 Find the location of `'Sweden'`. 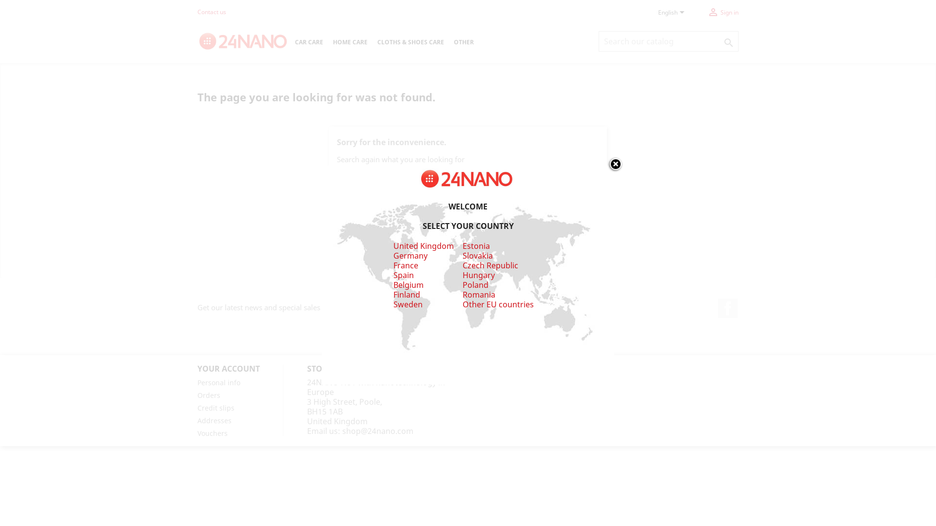

'Sweden' is located at coordinates (393, 303).